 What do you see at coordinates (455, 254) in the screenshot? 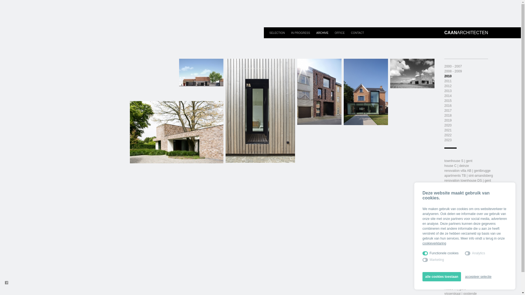
I see `'house VB | tielt'` at bounding box center [455, 254].